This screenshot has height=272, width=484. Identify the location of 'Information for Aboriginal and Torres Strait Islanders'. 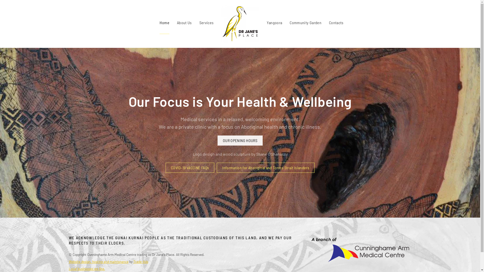
(265, 168).